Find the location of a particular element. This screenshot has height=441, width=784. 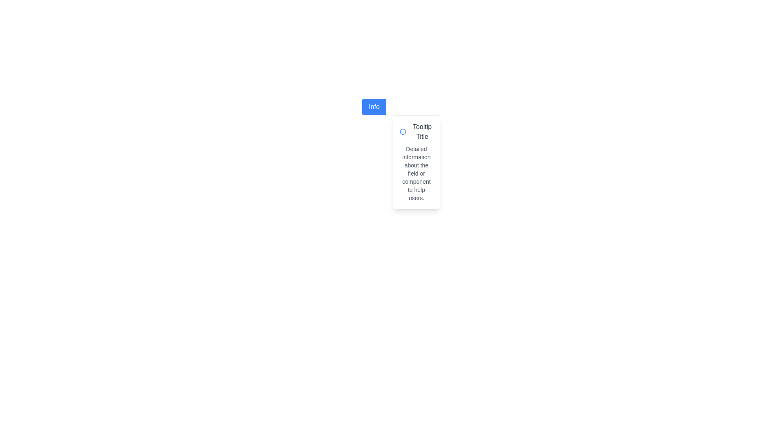

the circular blue icon with a bold outline and an inner vertical line, located to the left of the 'Tooltip Title' text within a tooltip interface is located at coordinates (403, 131).